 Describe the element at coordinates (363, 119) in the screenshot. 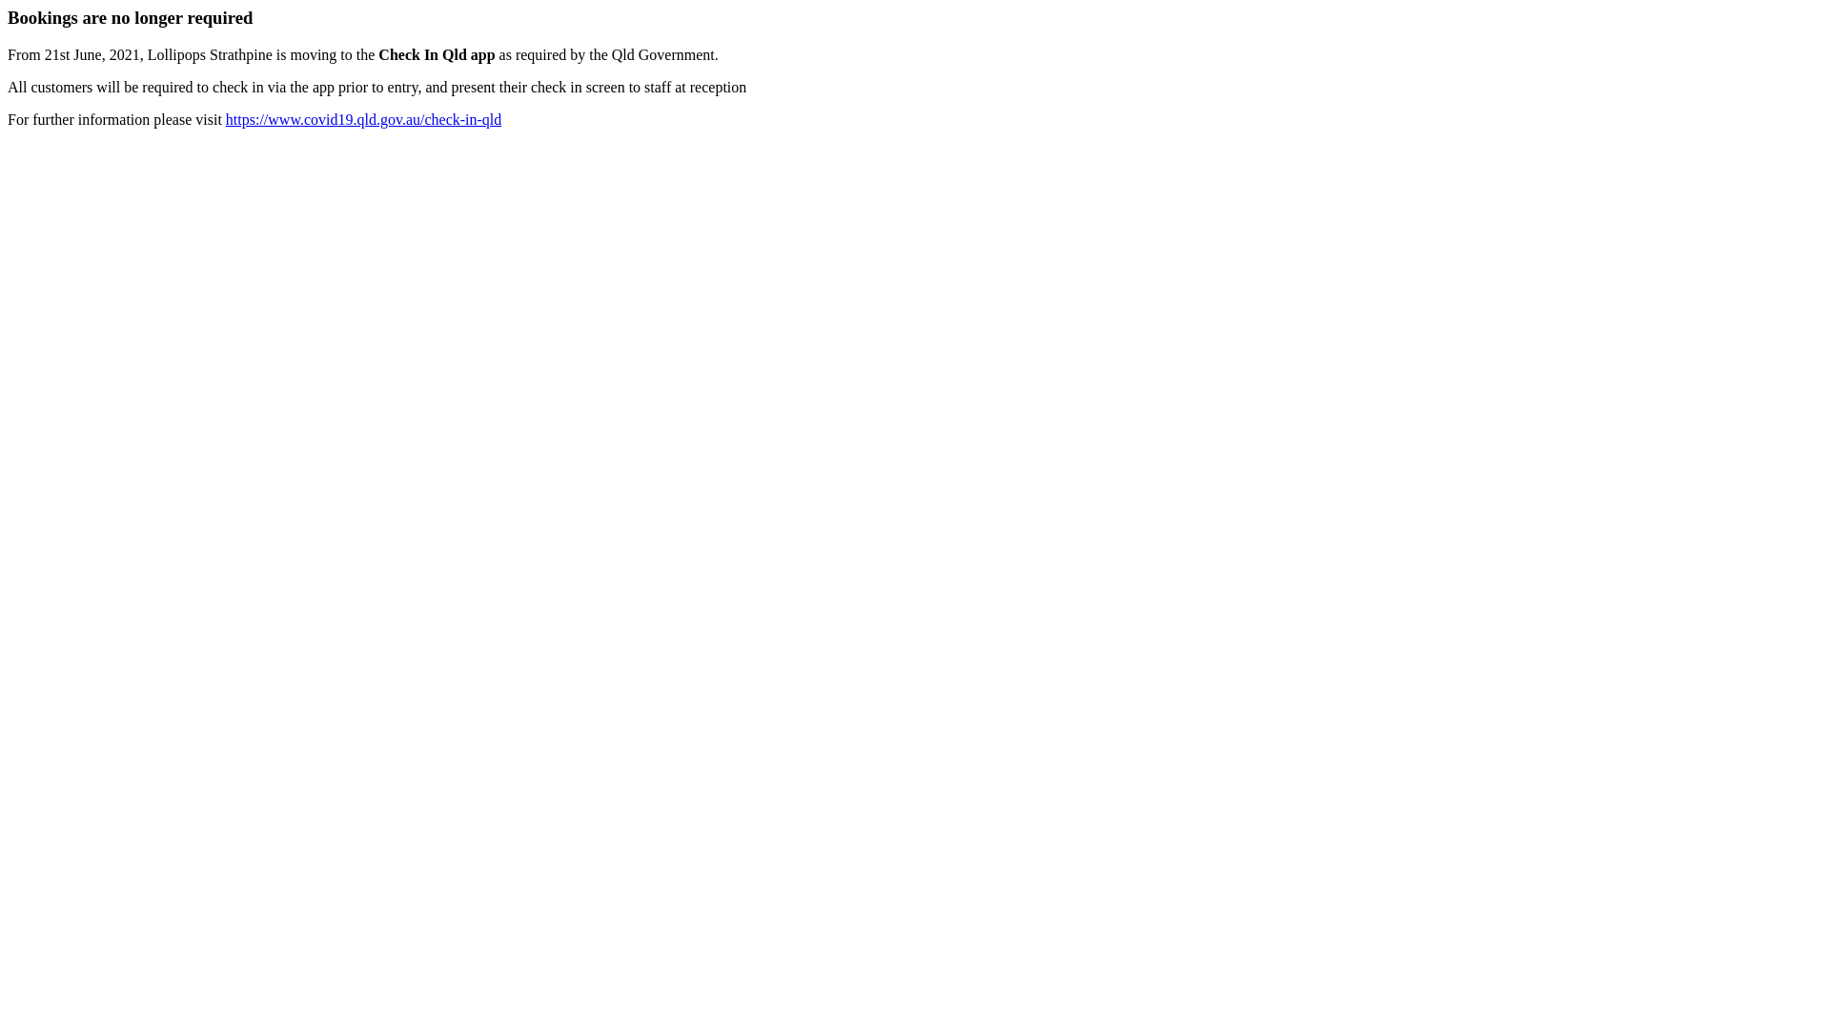

I see `'https://www.covid19.qld.gov.au/check-in-qld'` at that location.